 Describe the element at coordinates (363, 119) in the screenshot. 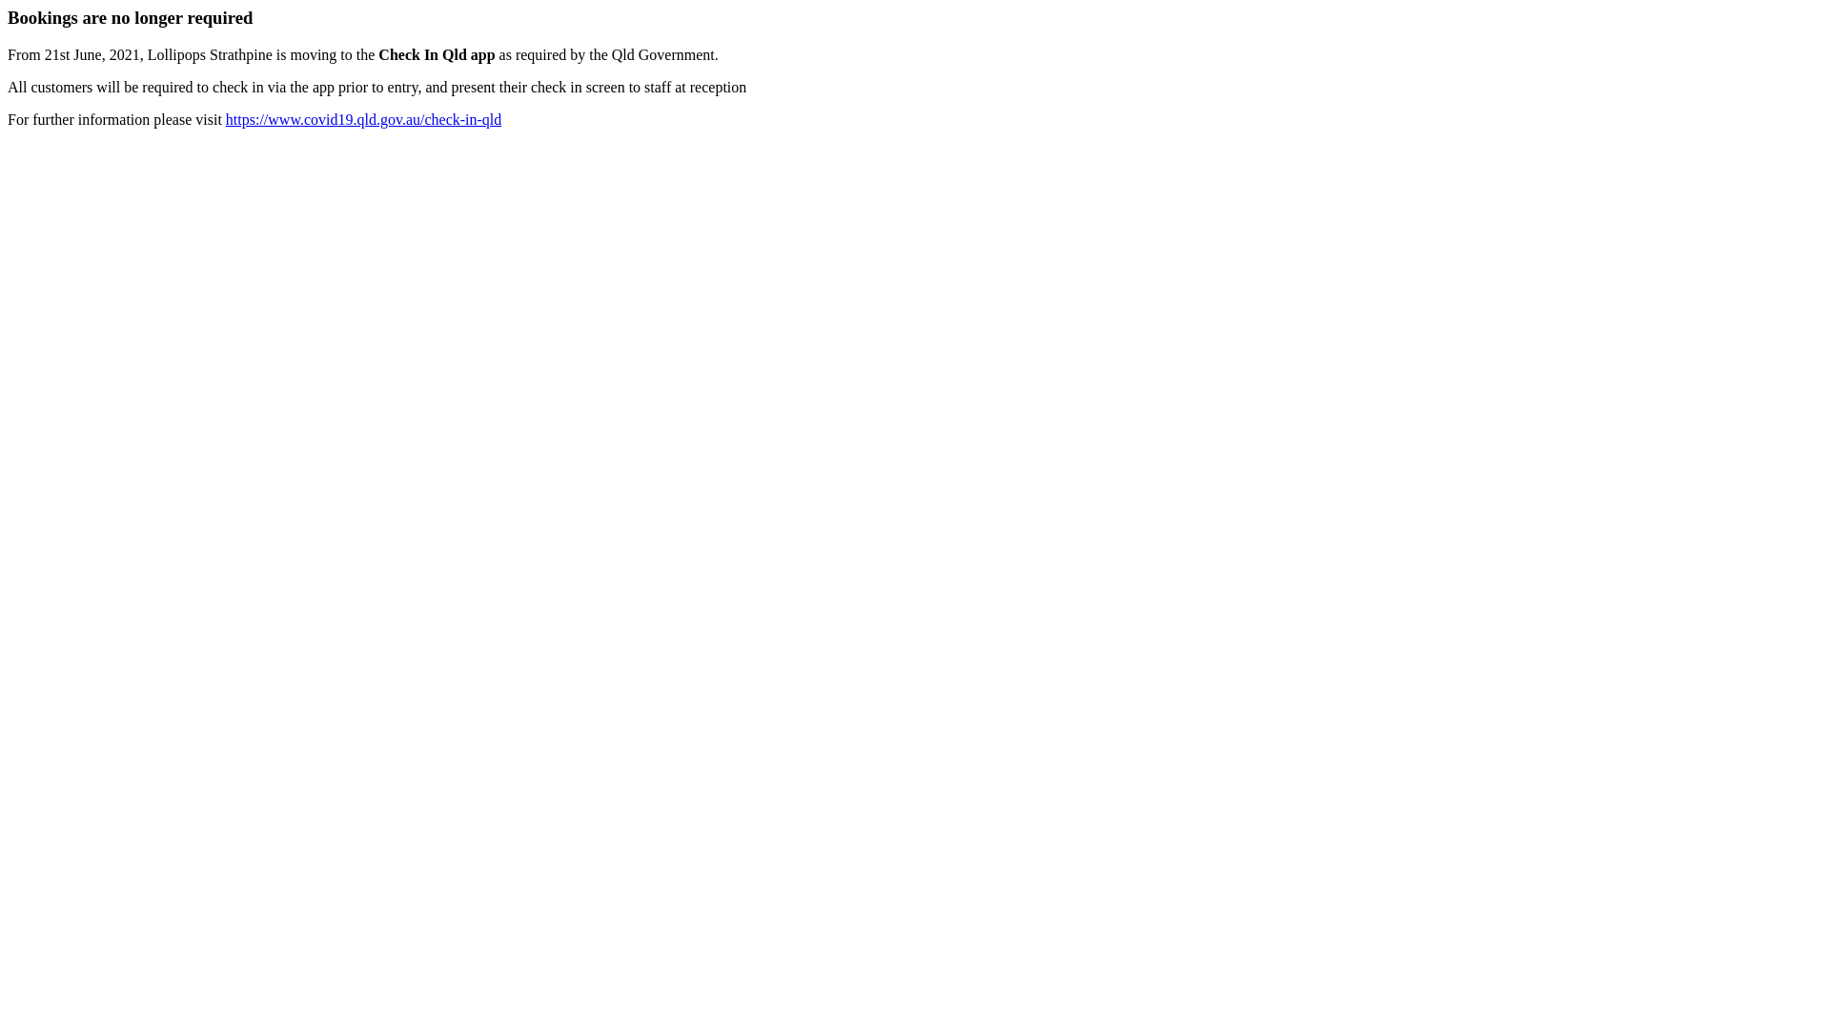

I see `'https://www.covid19.qld.gov.au/check-in-qld'` at that location.